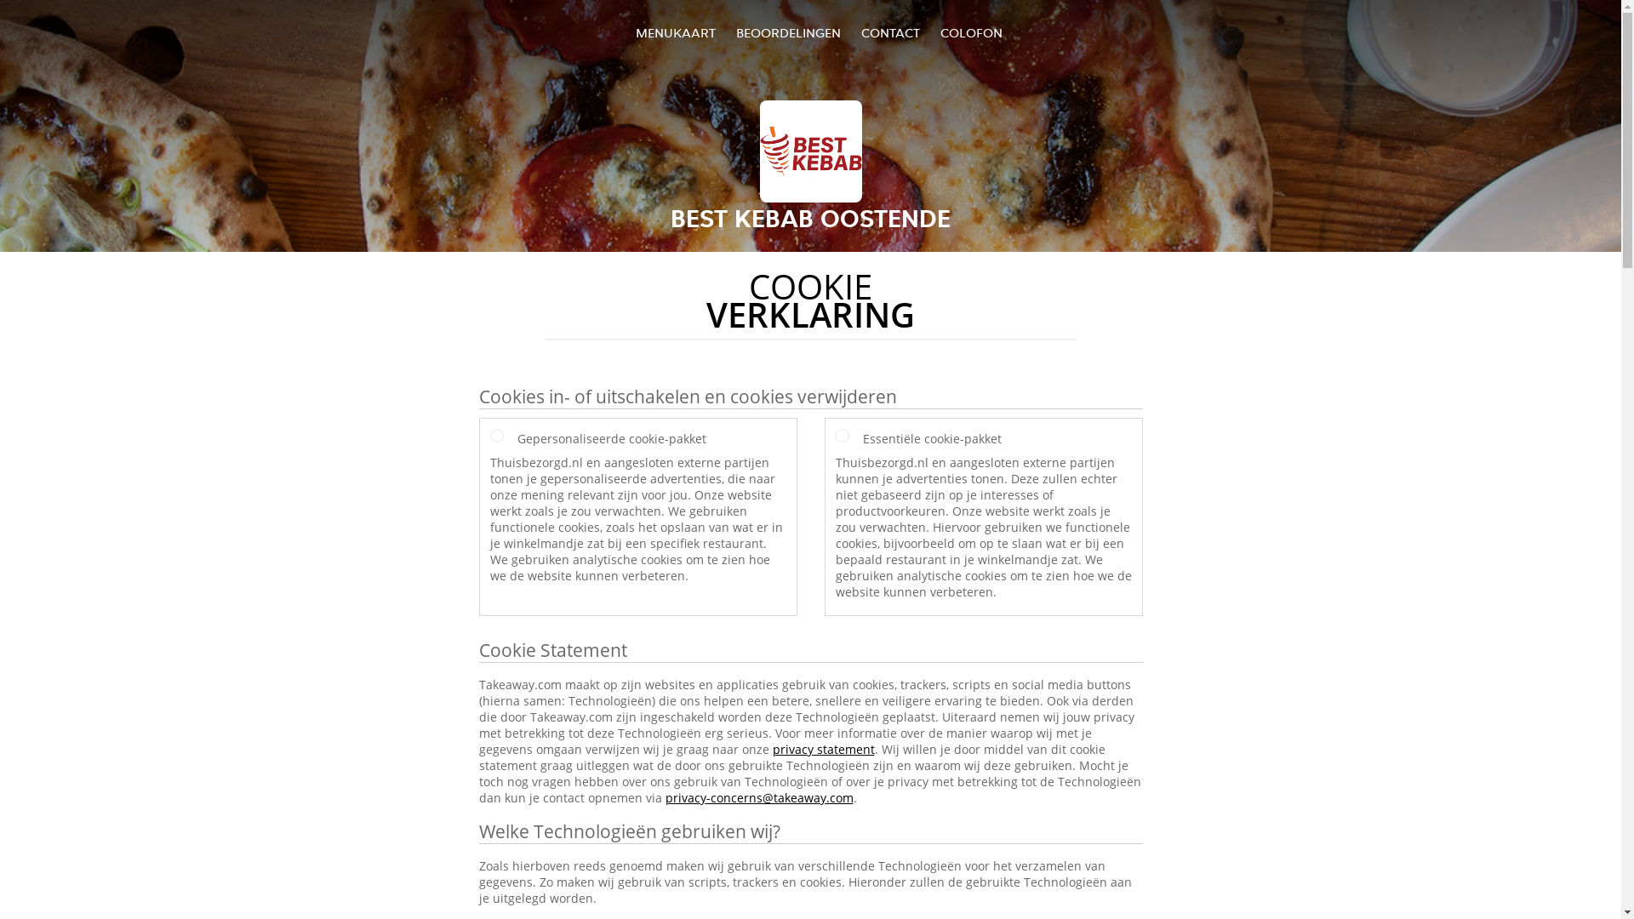 Image resolution: width=1634 pixels, height=919 pixels. What do you see at coordinates (824, 748) in the screenshot?
I see `'privacy statement'` at bounding box center [824, 748].